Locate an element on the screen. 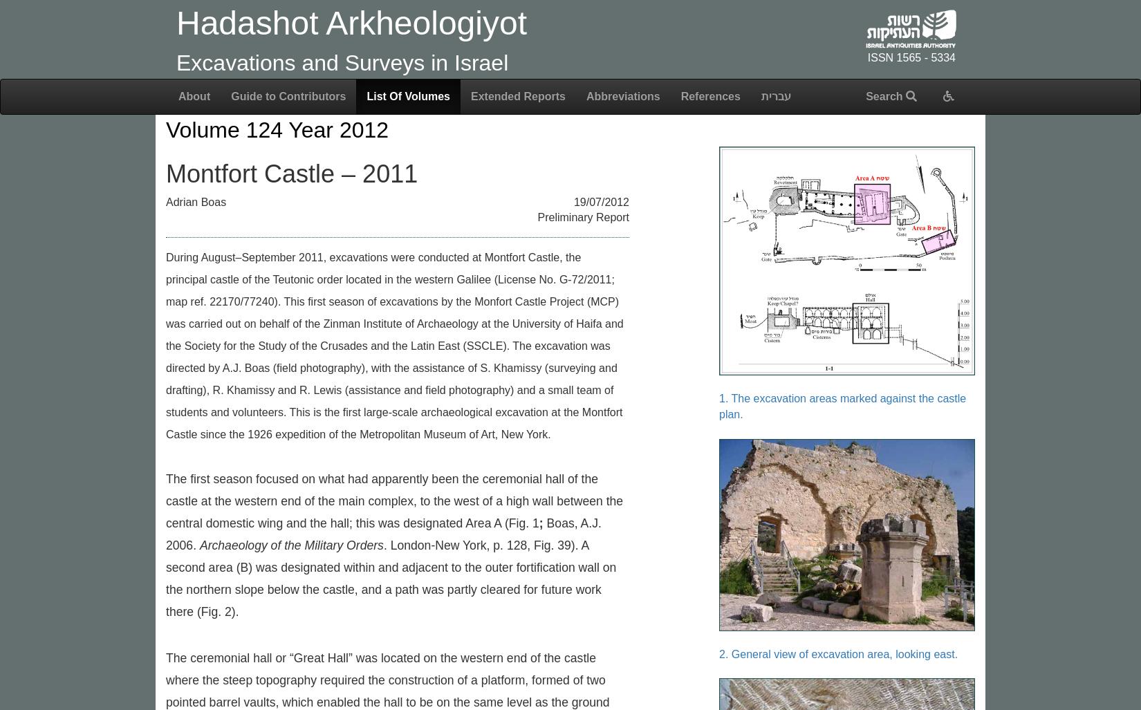 The height and width of the screenshot is (710, 1141). 'Boas, A.J. 2006.' is located at coordinates (166, 534).